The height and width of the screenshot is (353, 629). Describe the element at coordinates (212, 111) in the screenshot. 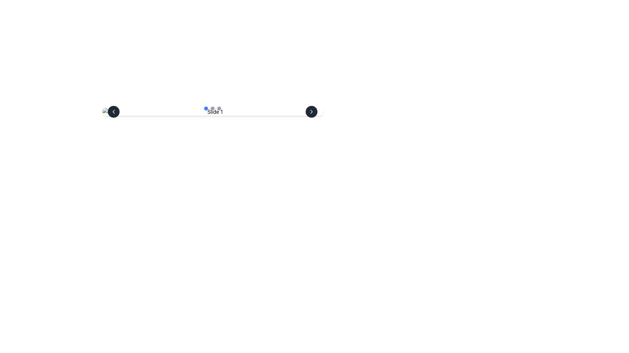

I see `the highlighted circle of the interactive carousel indicator` at that location.